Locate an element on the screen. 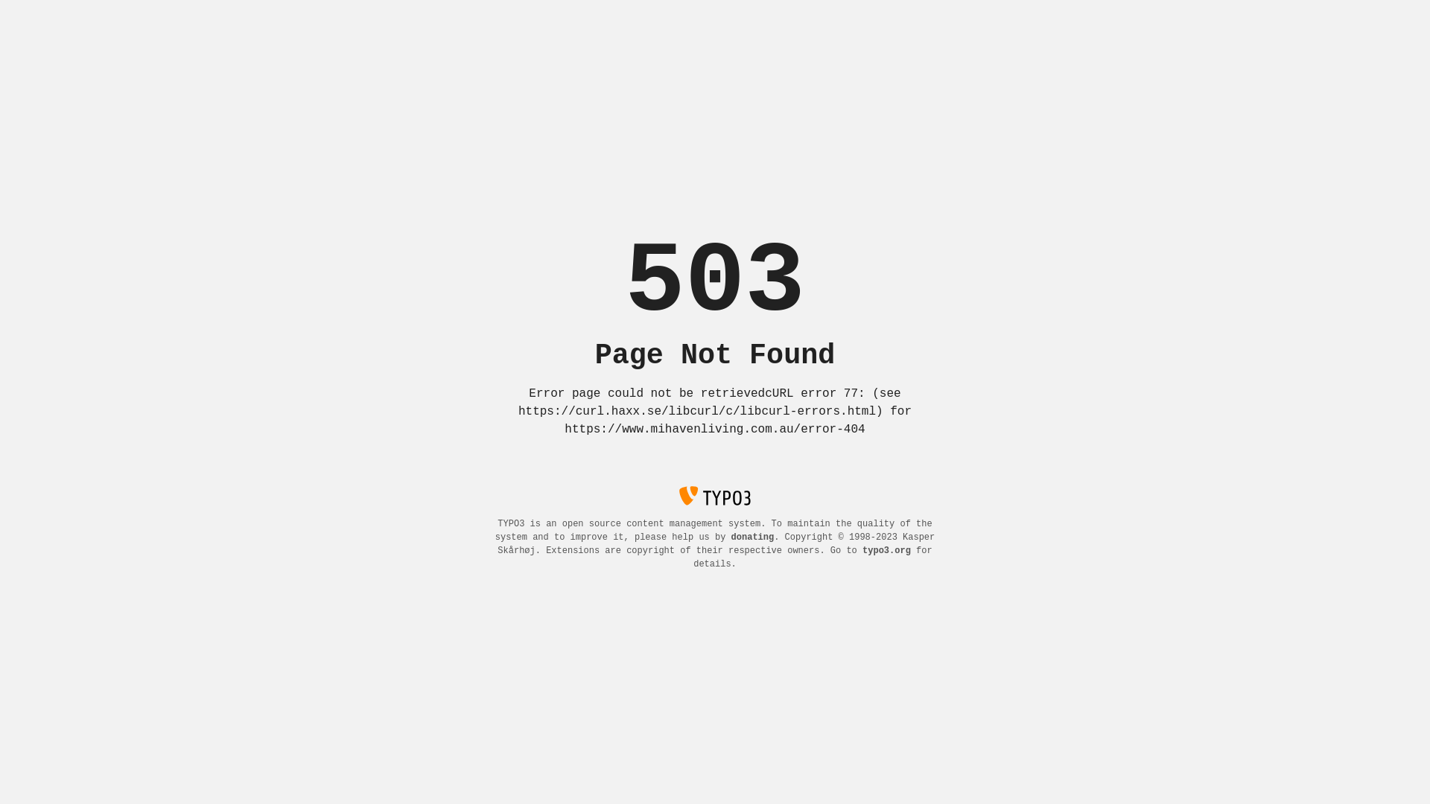 This screenshot has height=804, width=1430. 'donating' is located at coordinates (753, 537).